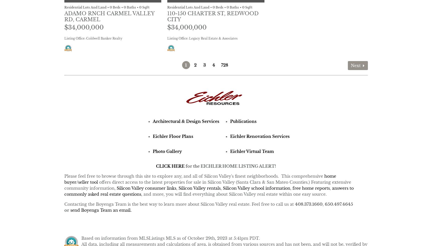  What do you see at coordinates (100, 210) in the screenshot?
I see `'send Boyenga Team an email.'` at bounding box center [100, 210].